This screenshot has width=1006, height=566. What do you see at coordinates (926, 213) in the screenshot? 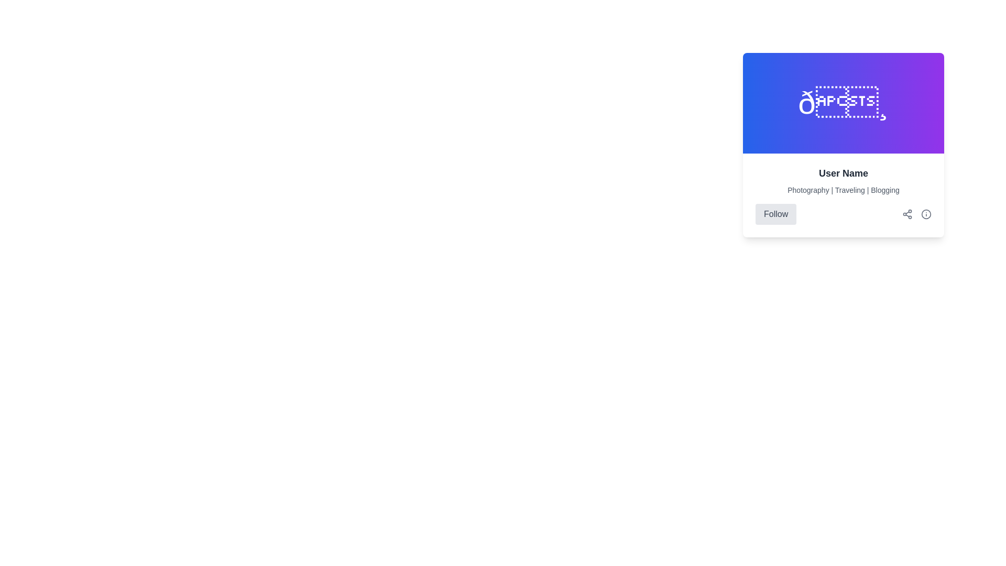
I see `the small circular button with an 'info' icon located at the bottom-right corner of the card, which changes color from gray to blue when hovered` at bounding box center [926, 213].